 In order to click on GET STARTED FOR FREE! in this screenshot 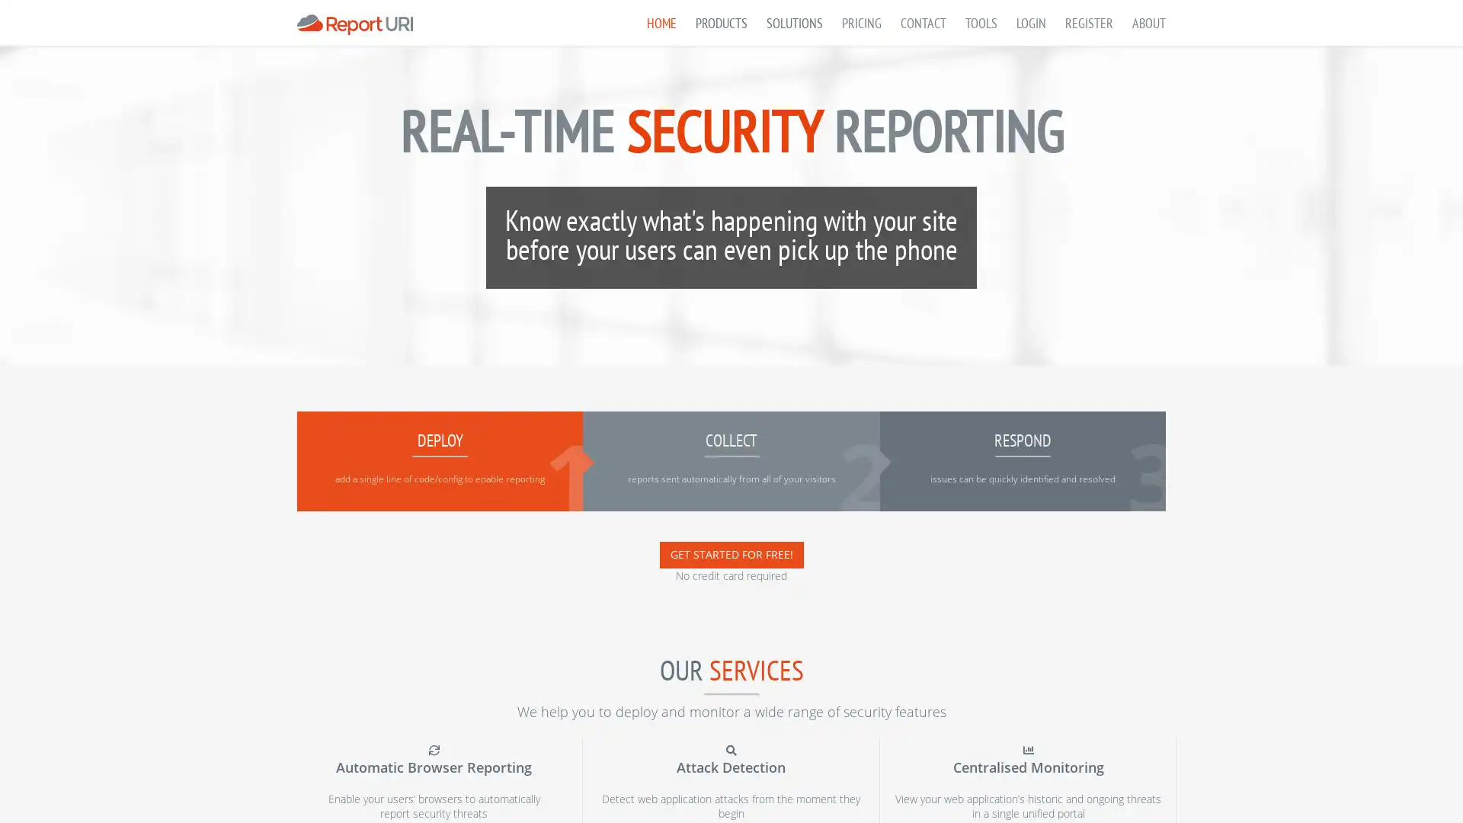, I will do `click(730, 555)`.